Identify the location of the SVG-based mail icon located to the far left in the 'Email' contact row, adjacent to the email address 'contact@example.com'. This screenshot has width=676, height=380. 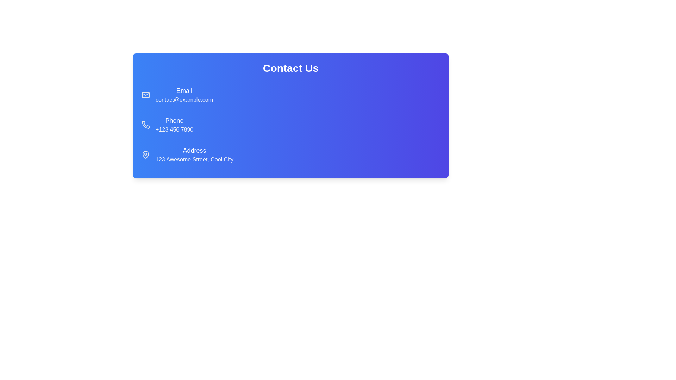
(145, 95).